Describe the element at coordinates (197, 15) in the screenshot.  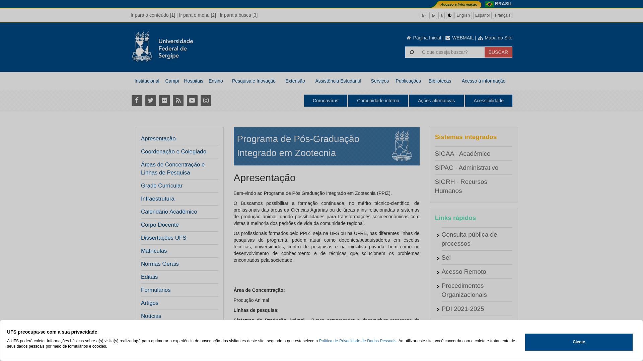
I see `'Ir para o menu [2]'` at that location.